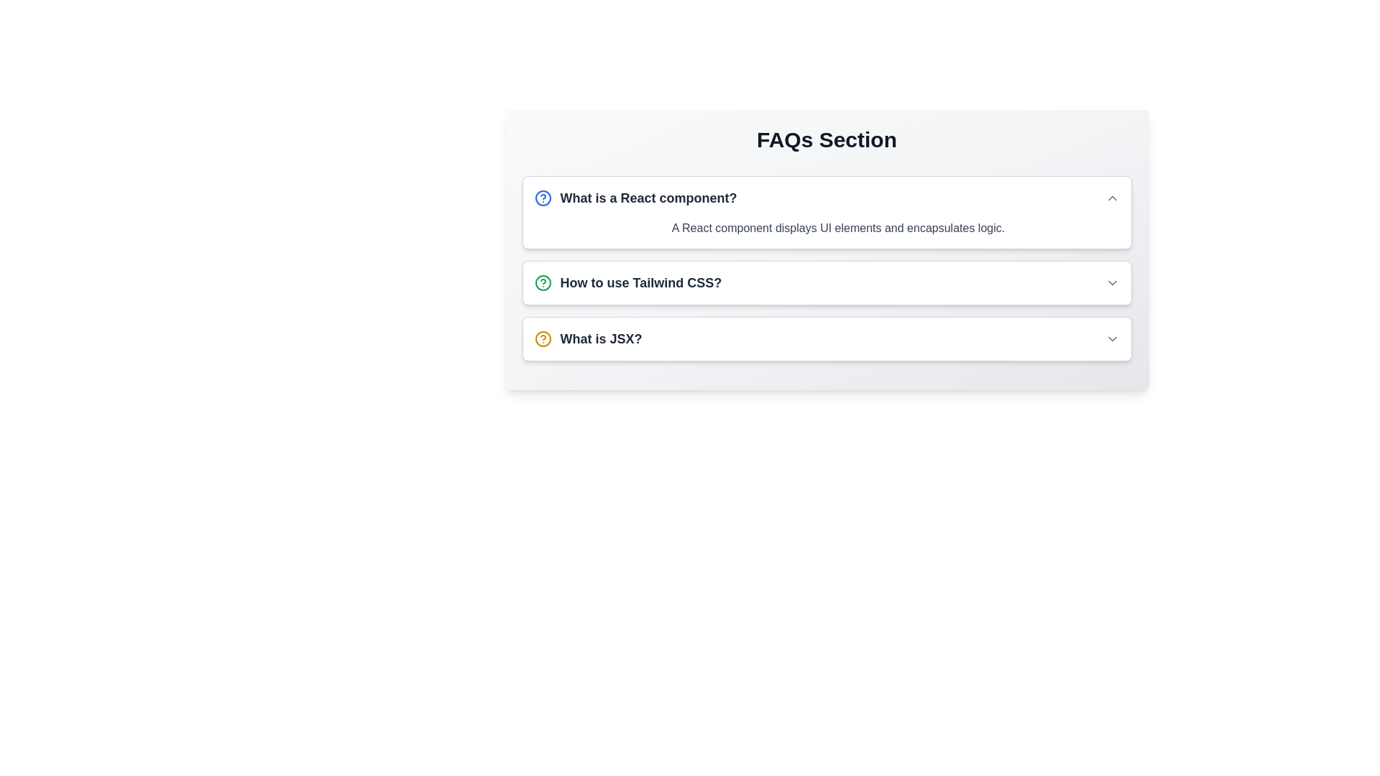 The image size is (1380, 776). Describe the element at coordinates (827, 338) in the screenshot. I see `the third collapsible question item in the FAQs section, which asks 'What is JSX?'` at that location.